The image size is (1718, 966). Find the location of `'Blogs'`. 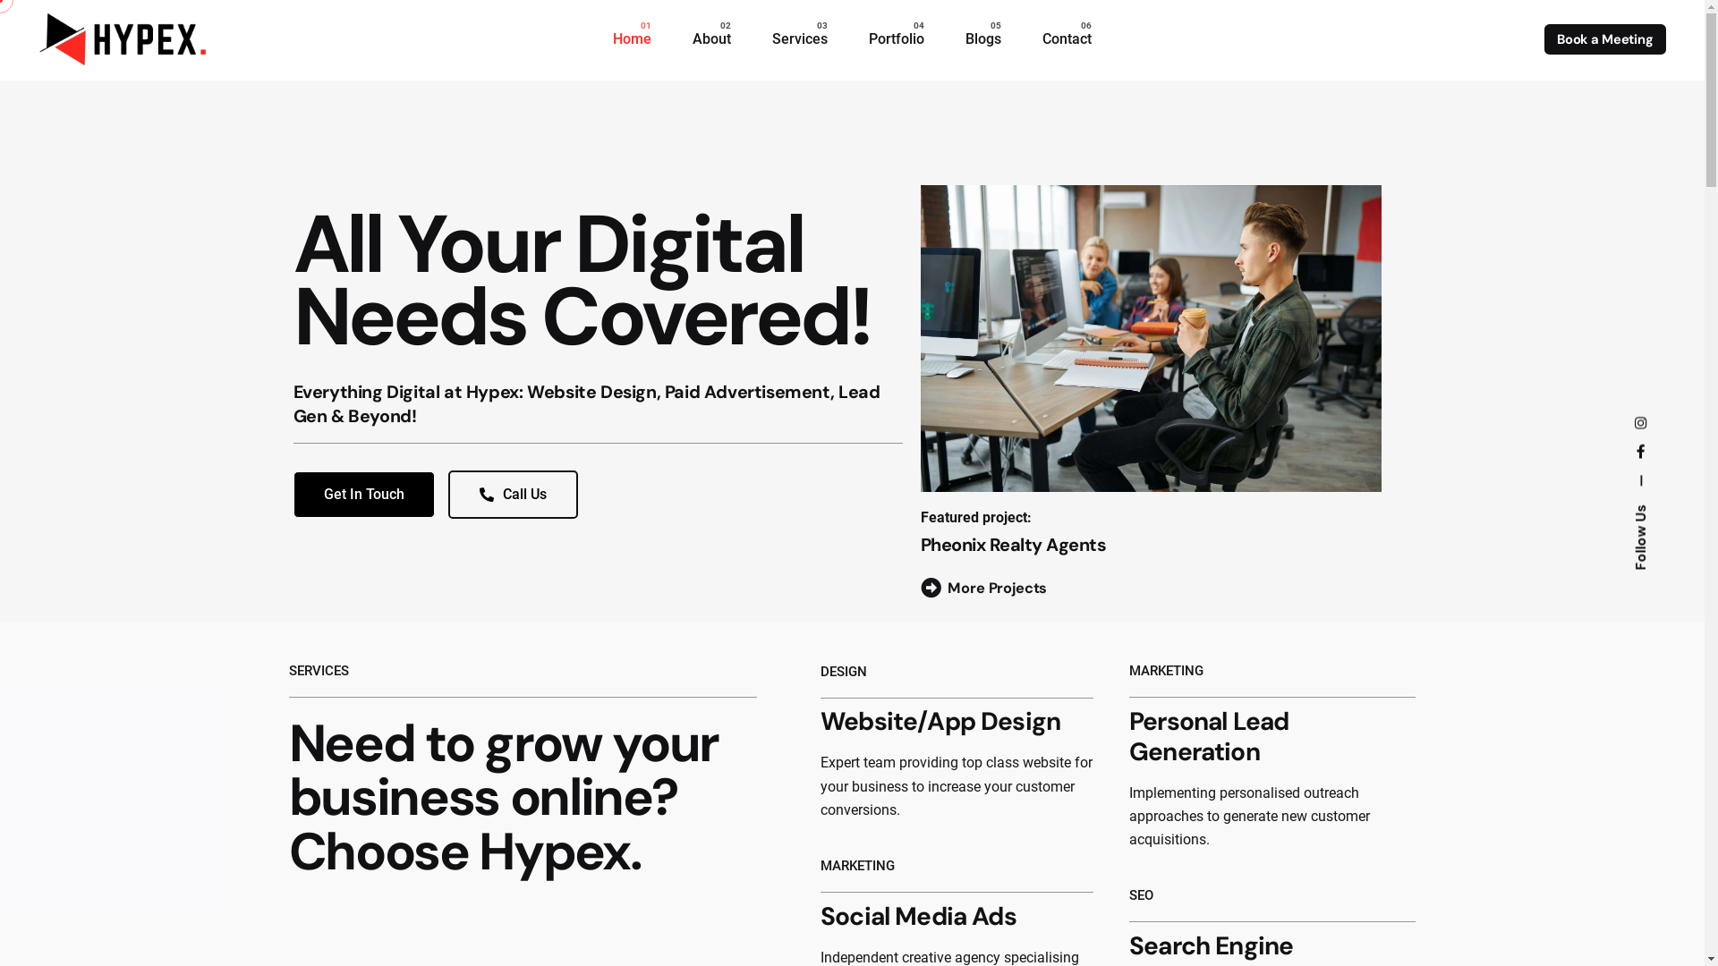

'Blogs' is located at coordinates (982, 38).